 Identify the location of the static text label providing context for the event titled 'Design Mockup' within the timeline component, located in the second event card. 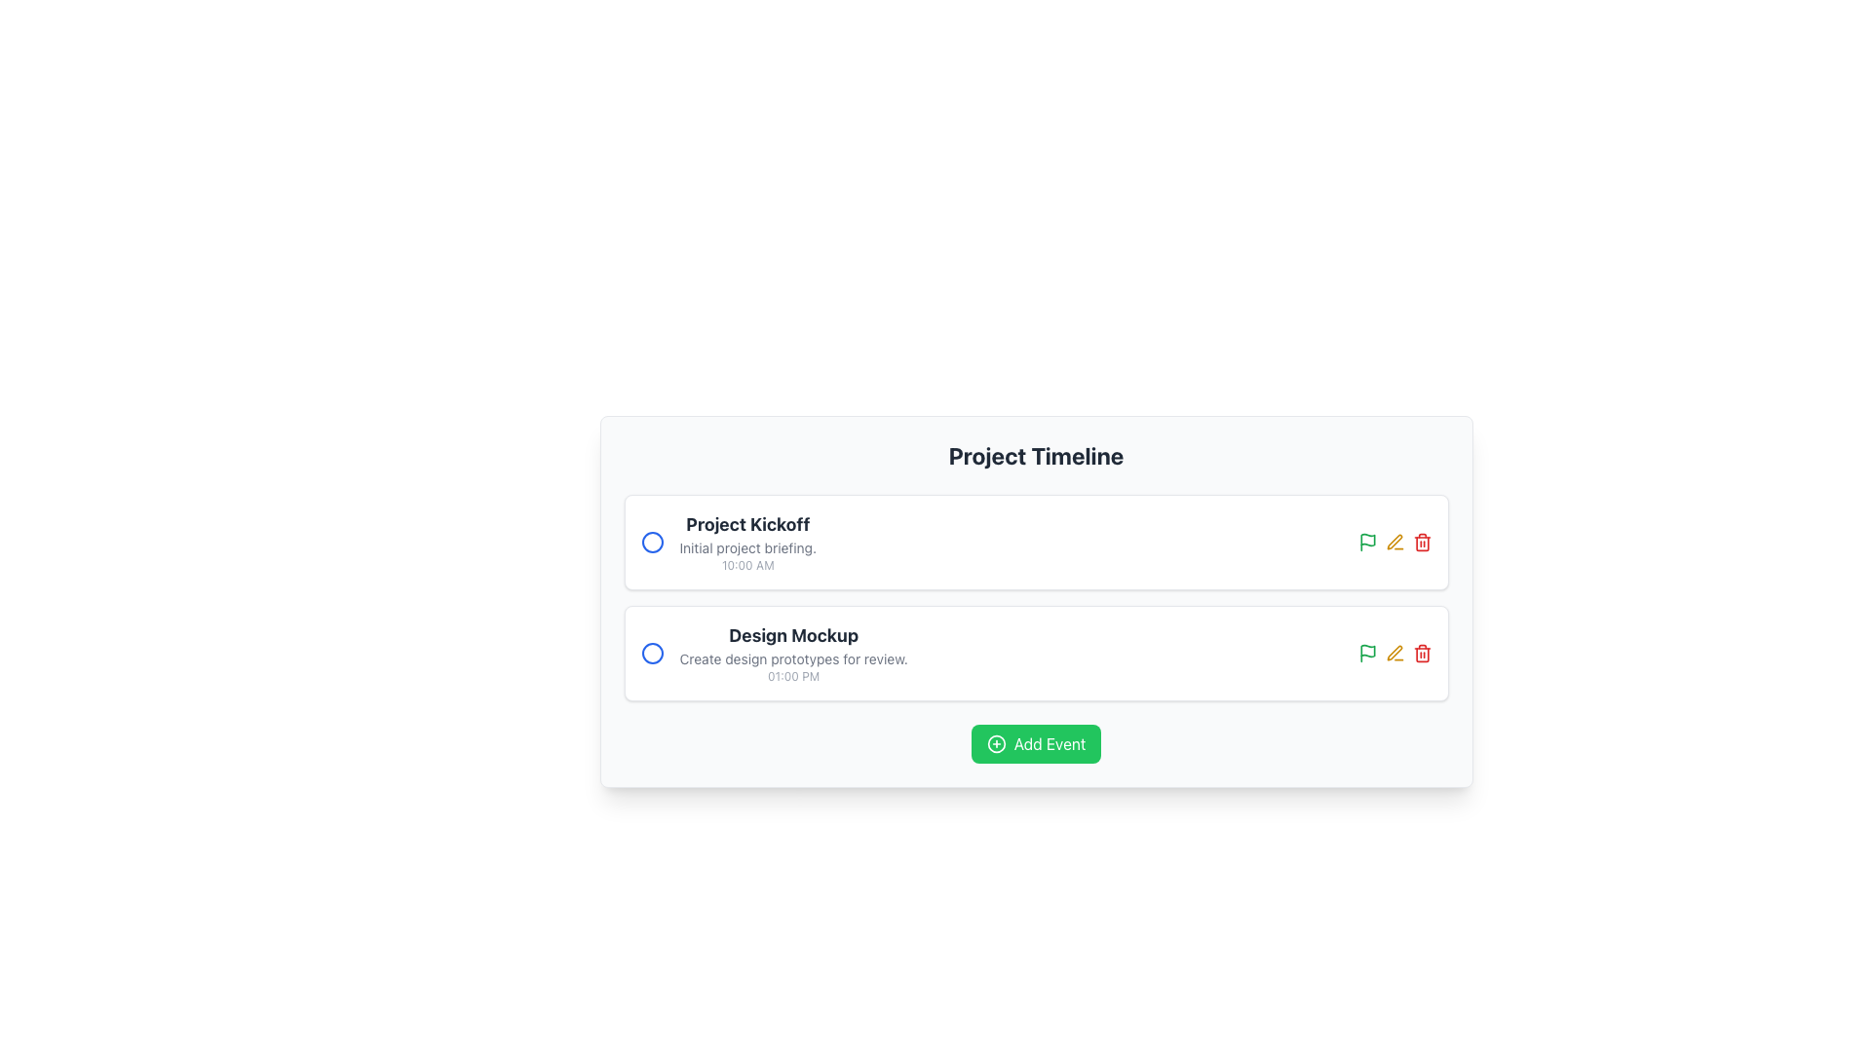
(793, 658).